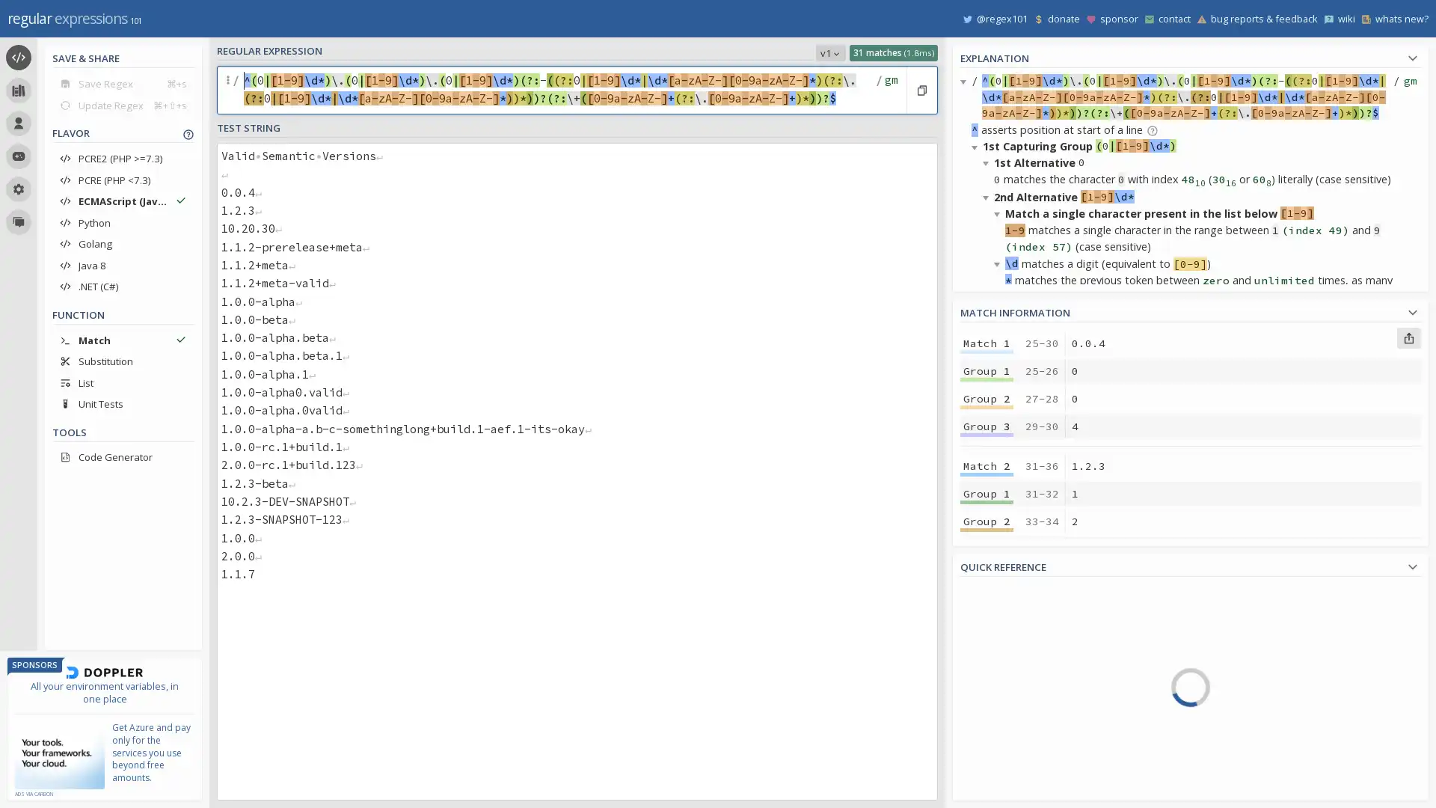 The height and width of the screenshot is (808, 1436). I want to click on Collapse Subtree, so click(977, 331).